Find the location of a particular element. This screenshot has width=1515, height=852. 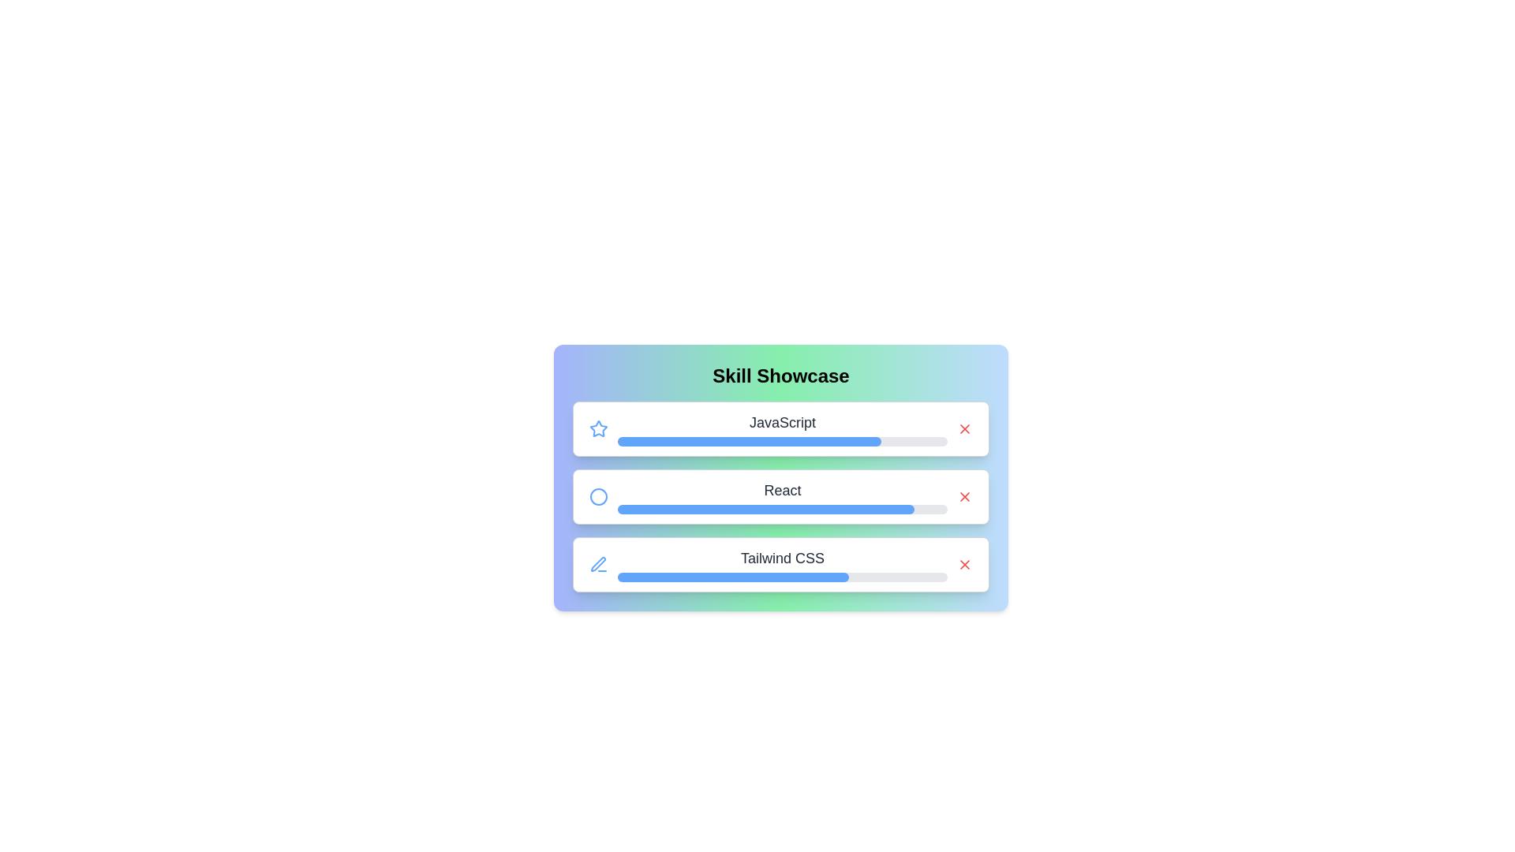

the icon next to the skill name Tailwind CSS is located at coordinates (597, 564).